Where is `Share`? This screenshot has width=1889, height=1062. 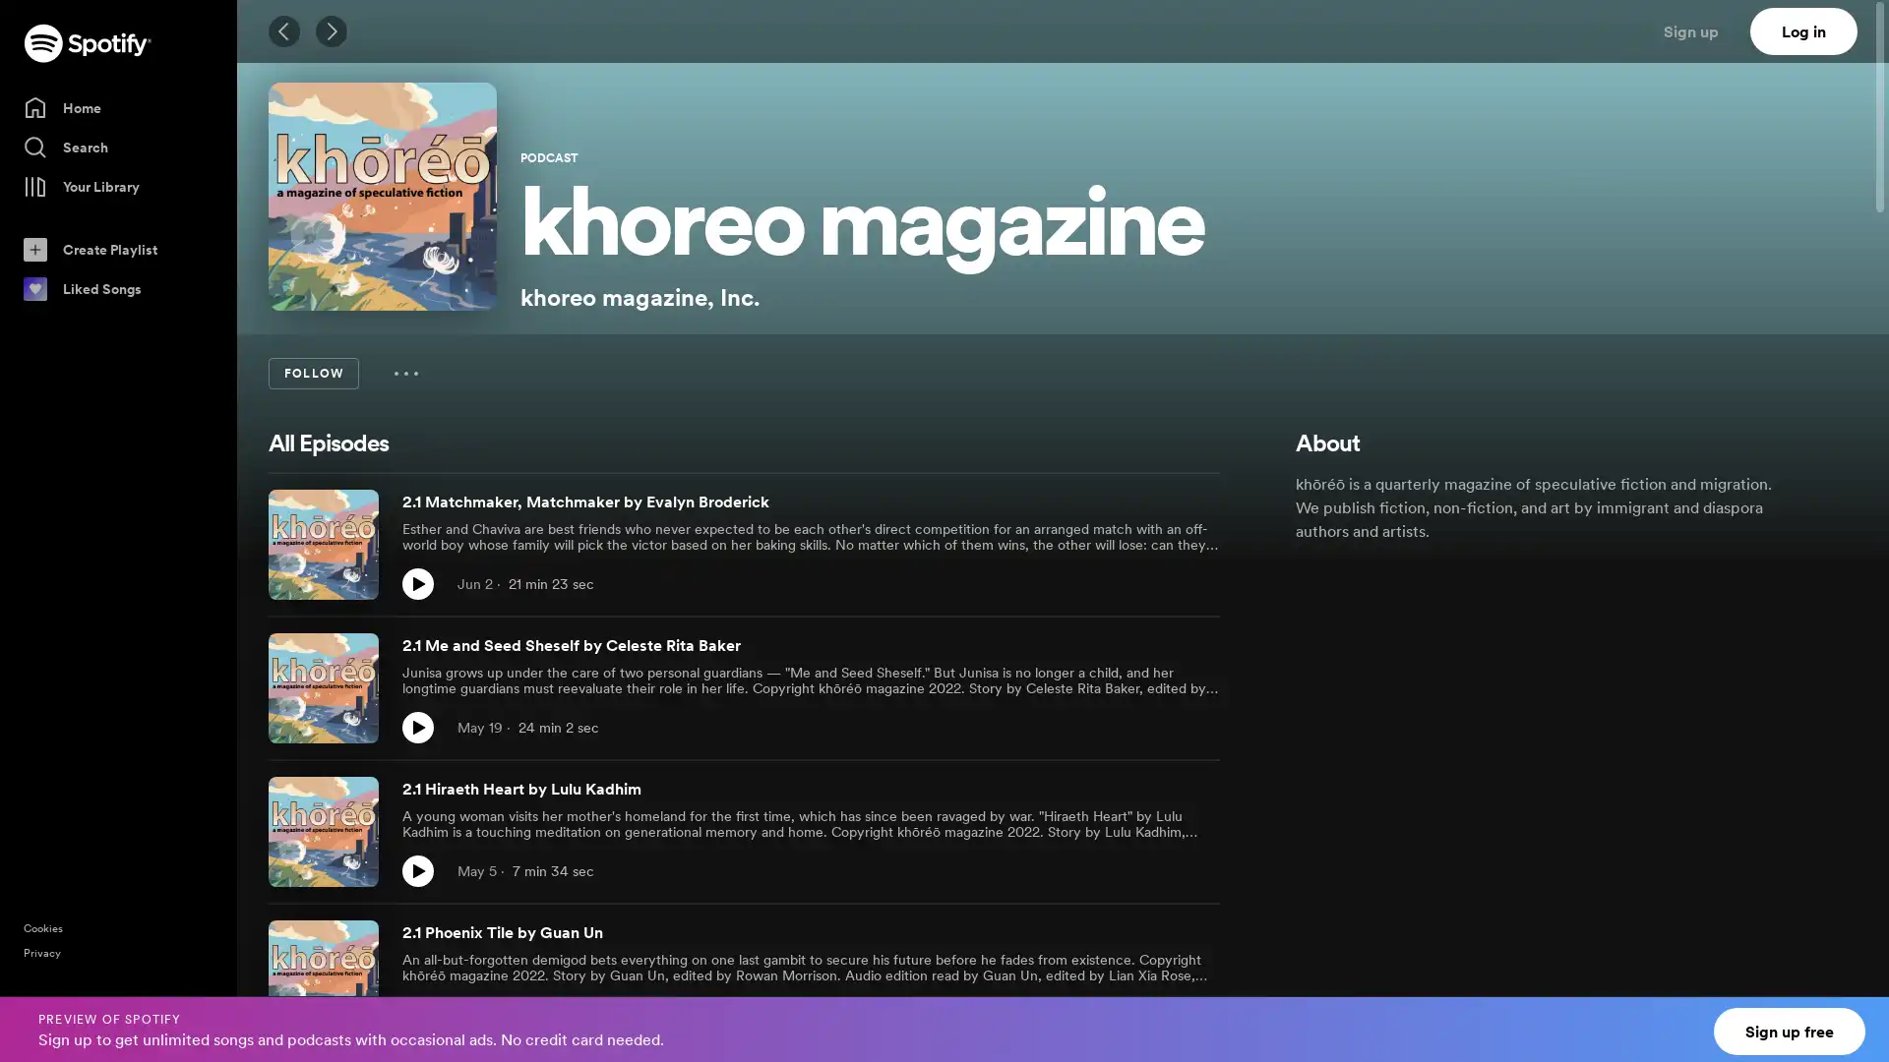 Share is located at coordinates (1161, 583).